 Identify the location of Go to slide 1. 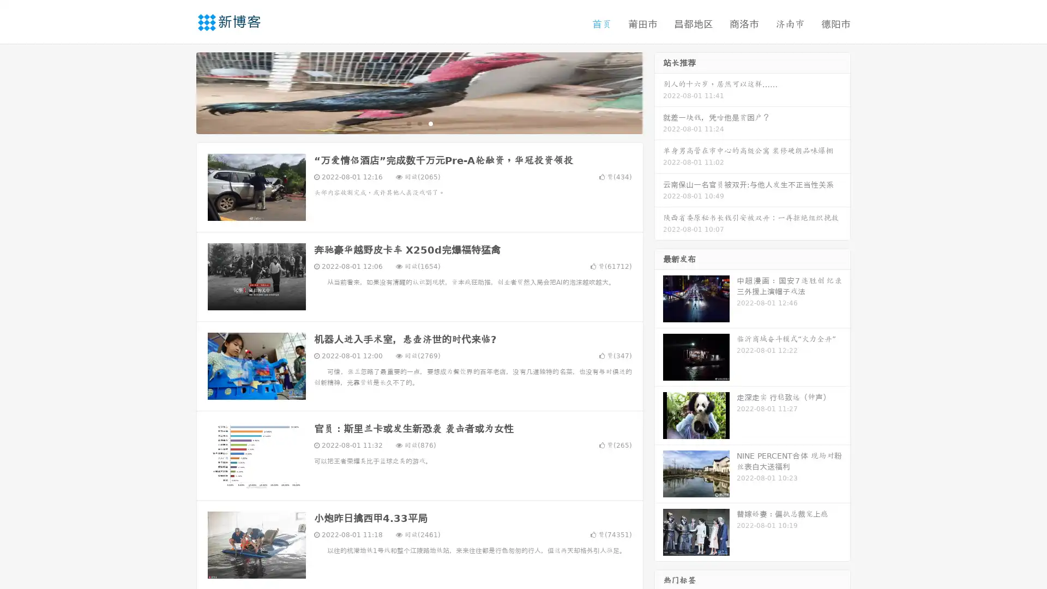
(408, 123).